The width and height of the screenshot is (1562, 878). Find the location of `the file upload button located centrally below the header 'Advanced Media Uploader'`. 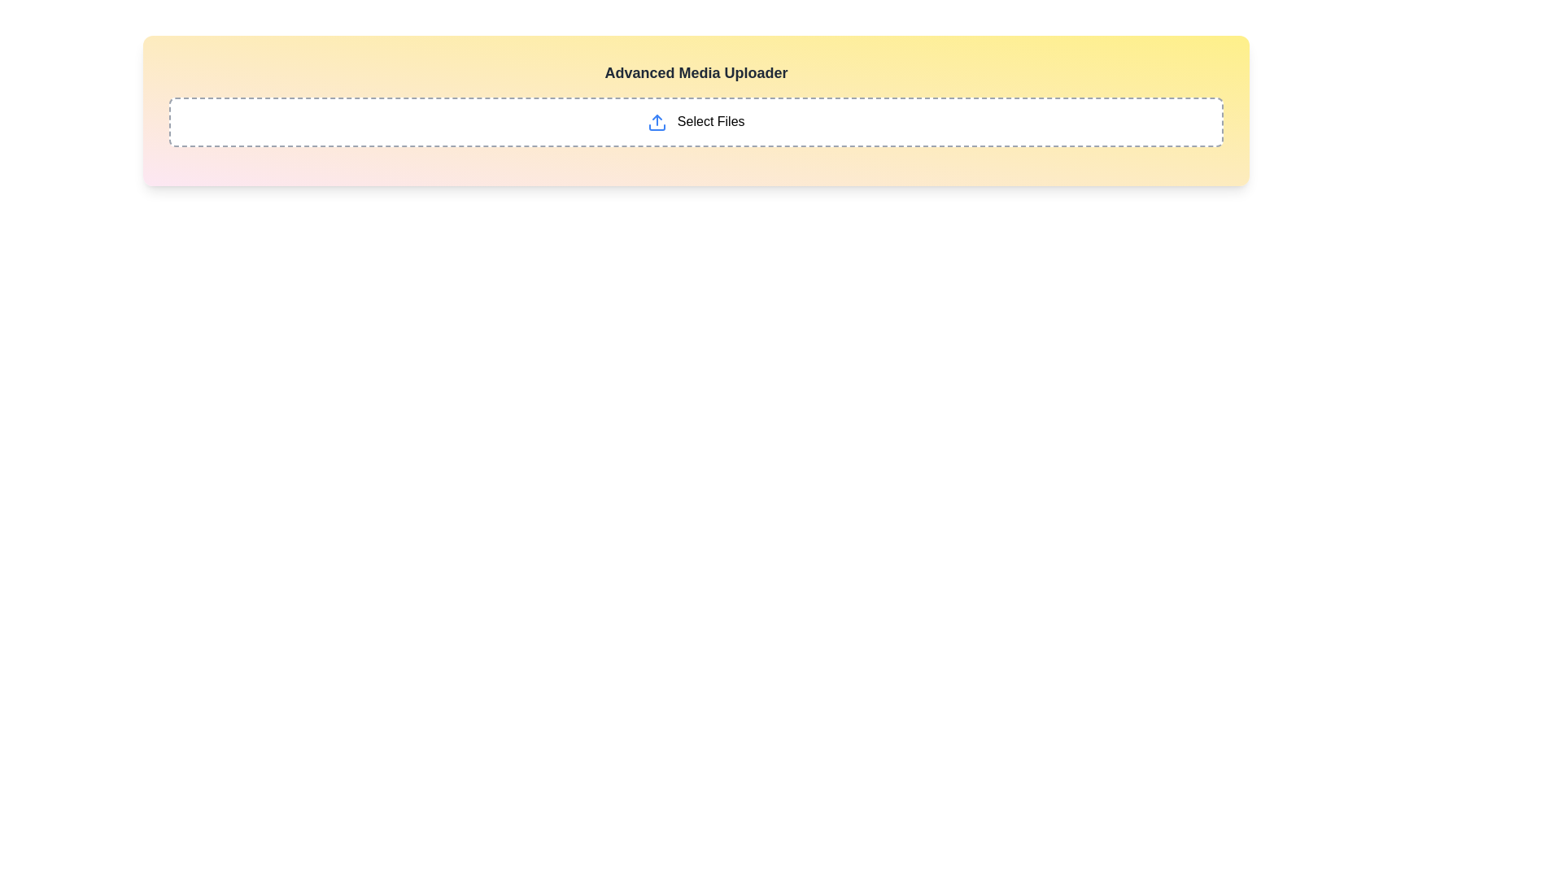

the file upload button located centrally below the header 'Advanced Media Uploader' is located at coordinates (696, 121).